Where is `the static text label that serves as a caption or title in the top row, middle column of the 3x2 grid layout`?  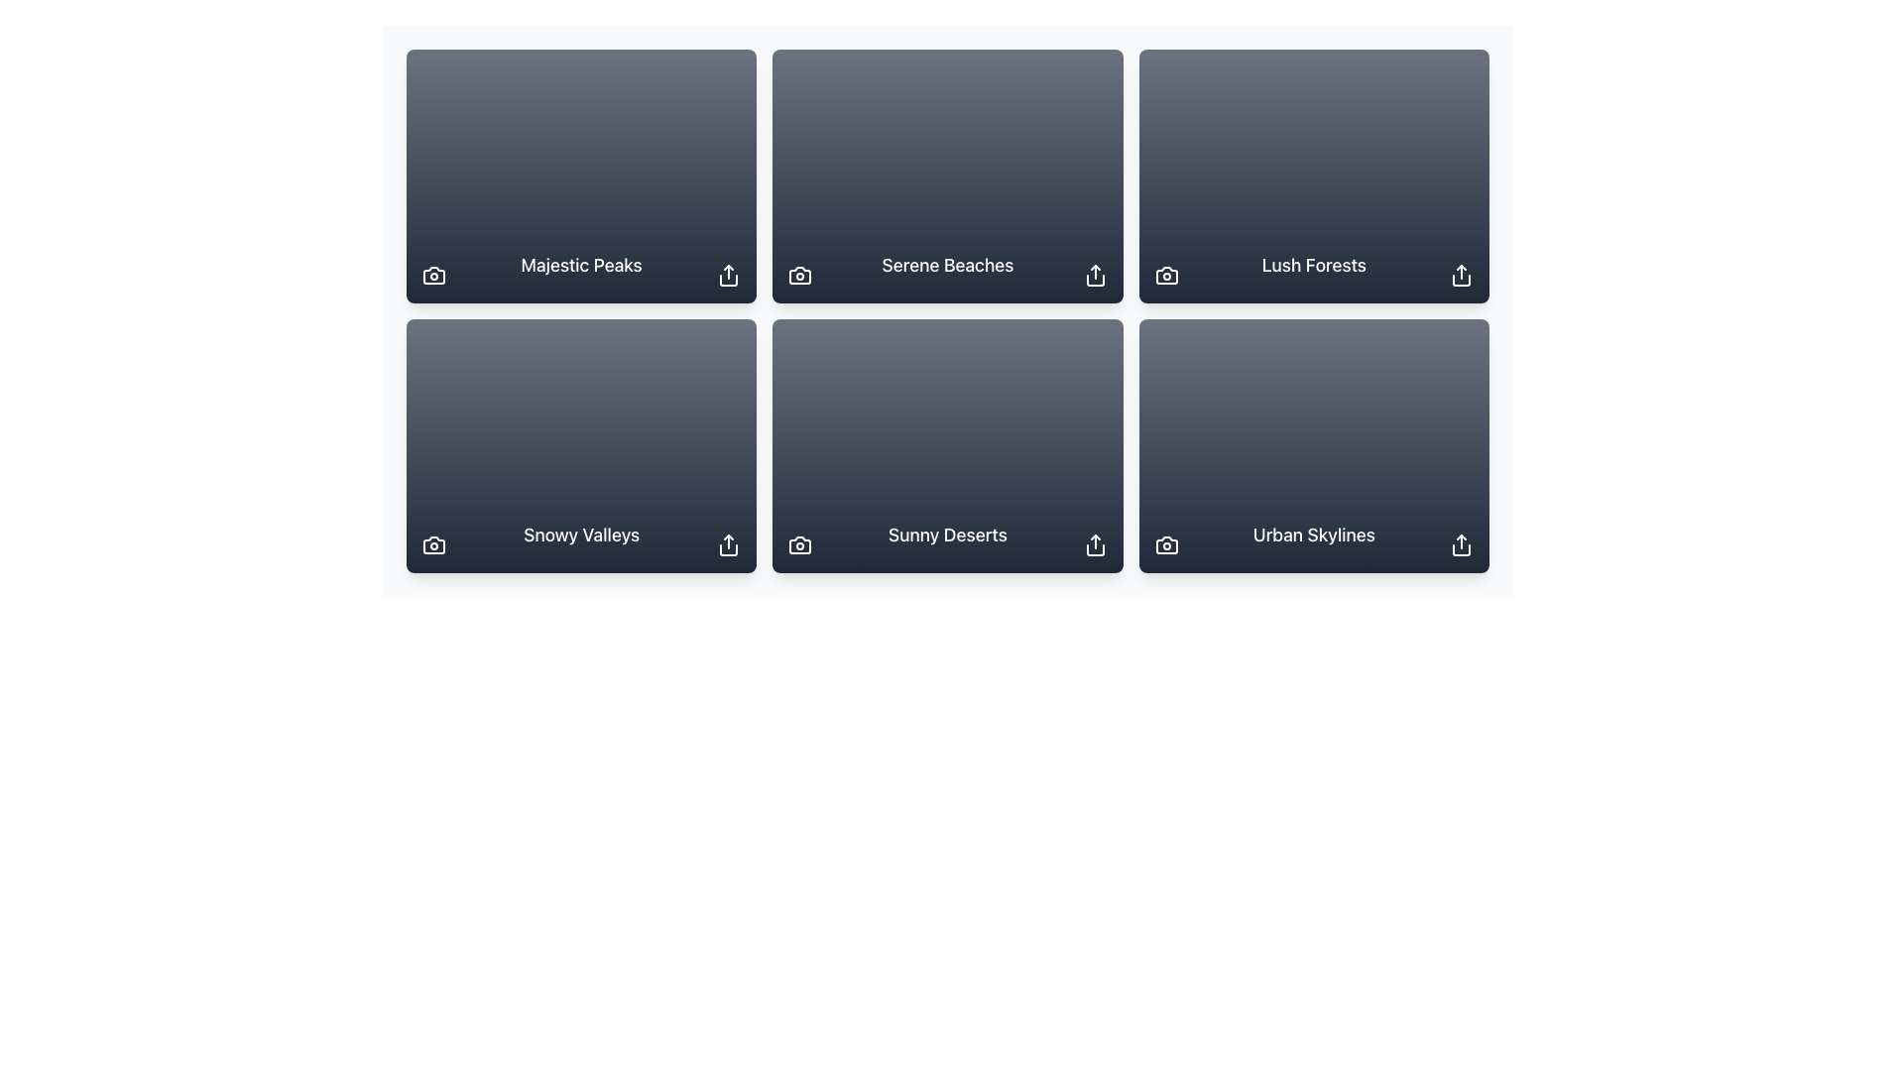 the static text label that serves as a caption or title in the top row, middle column of the 3x2 grid layout is located at coordinates (946, 278).